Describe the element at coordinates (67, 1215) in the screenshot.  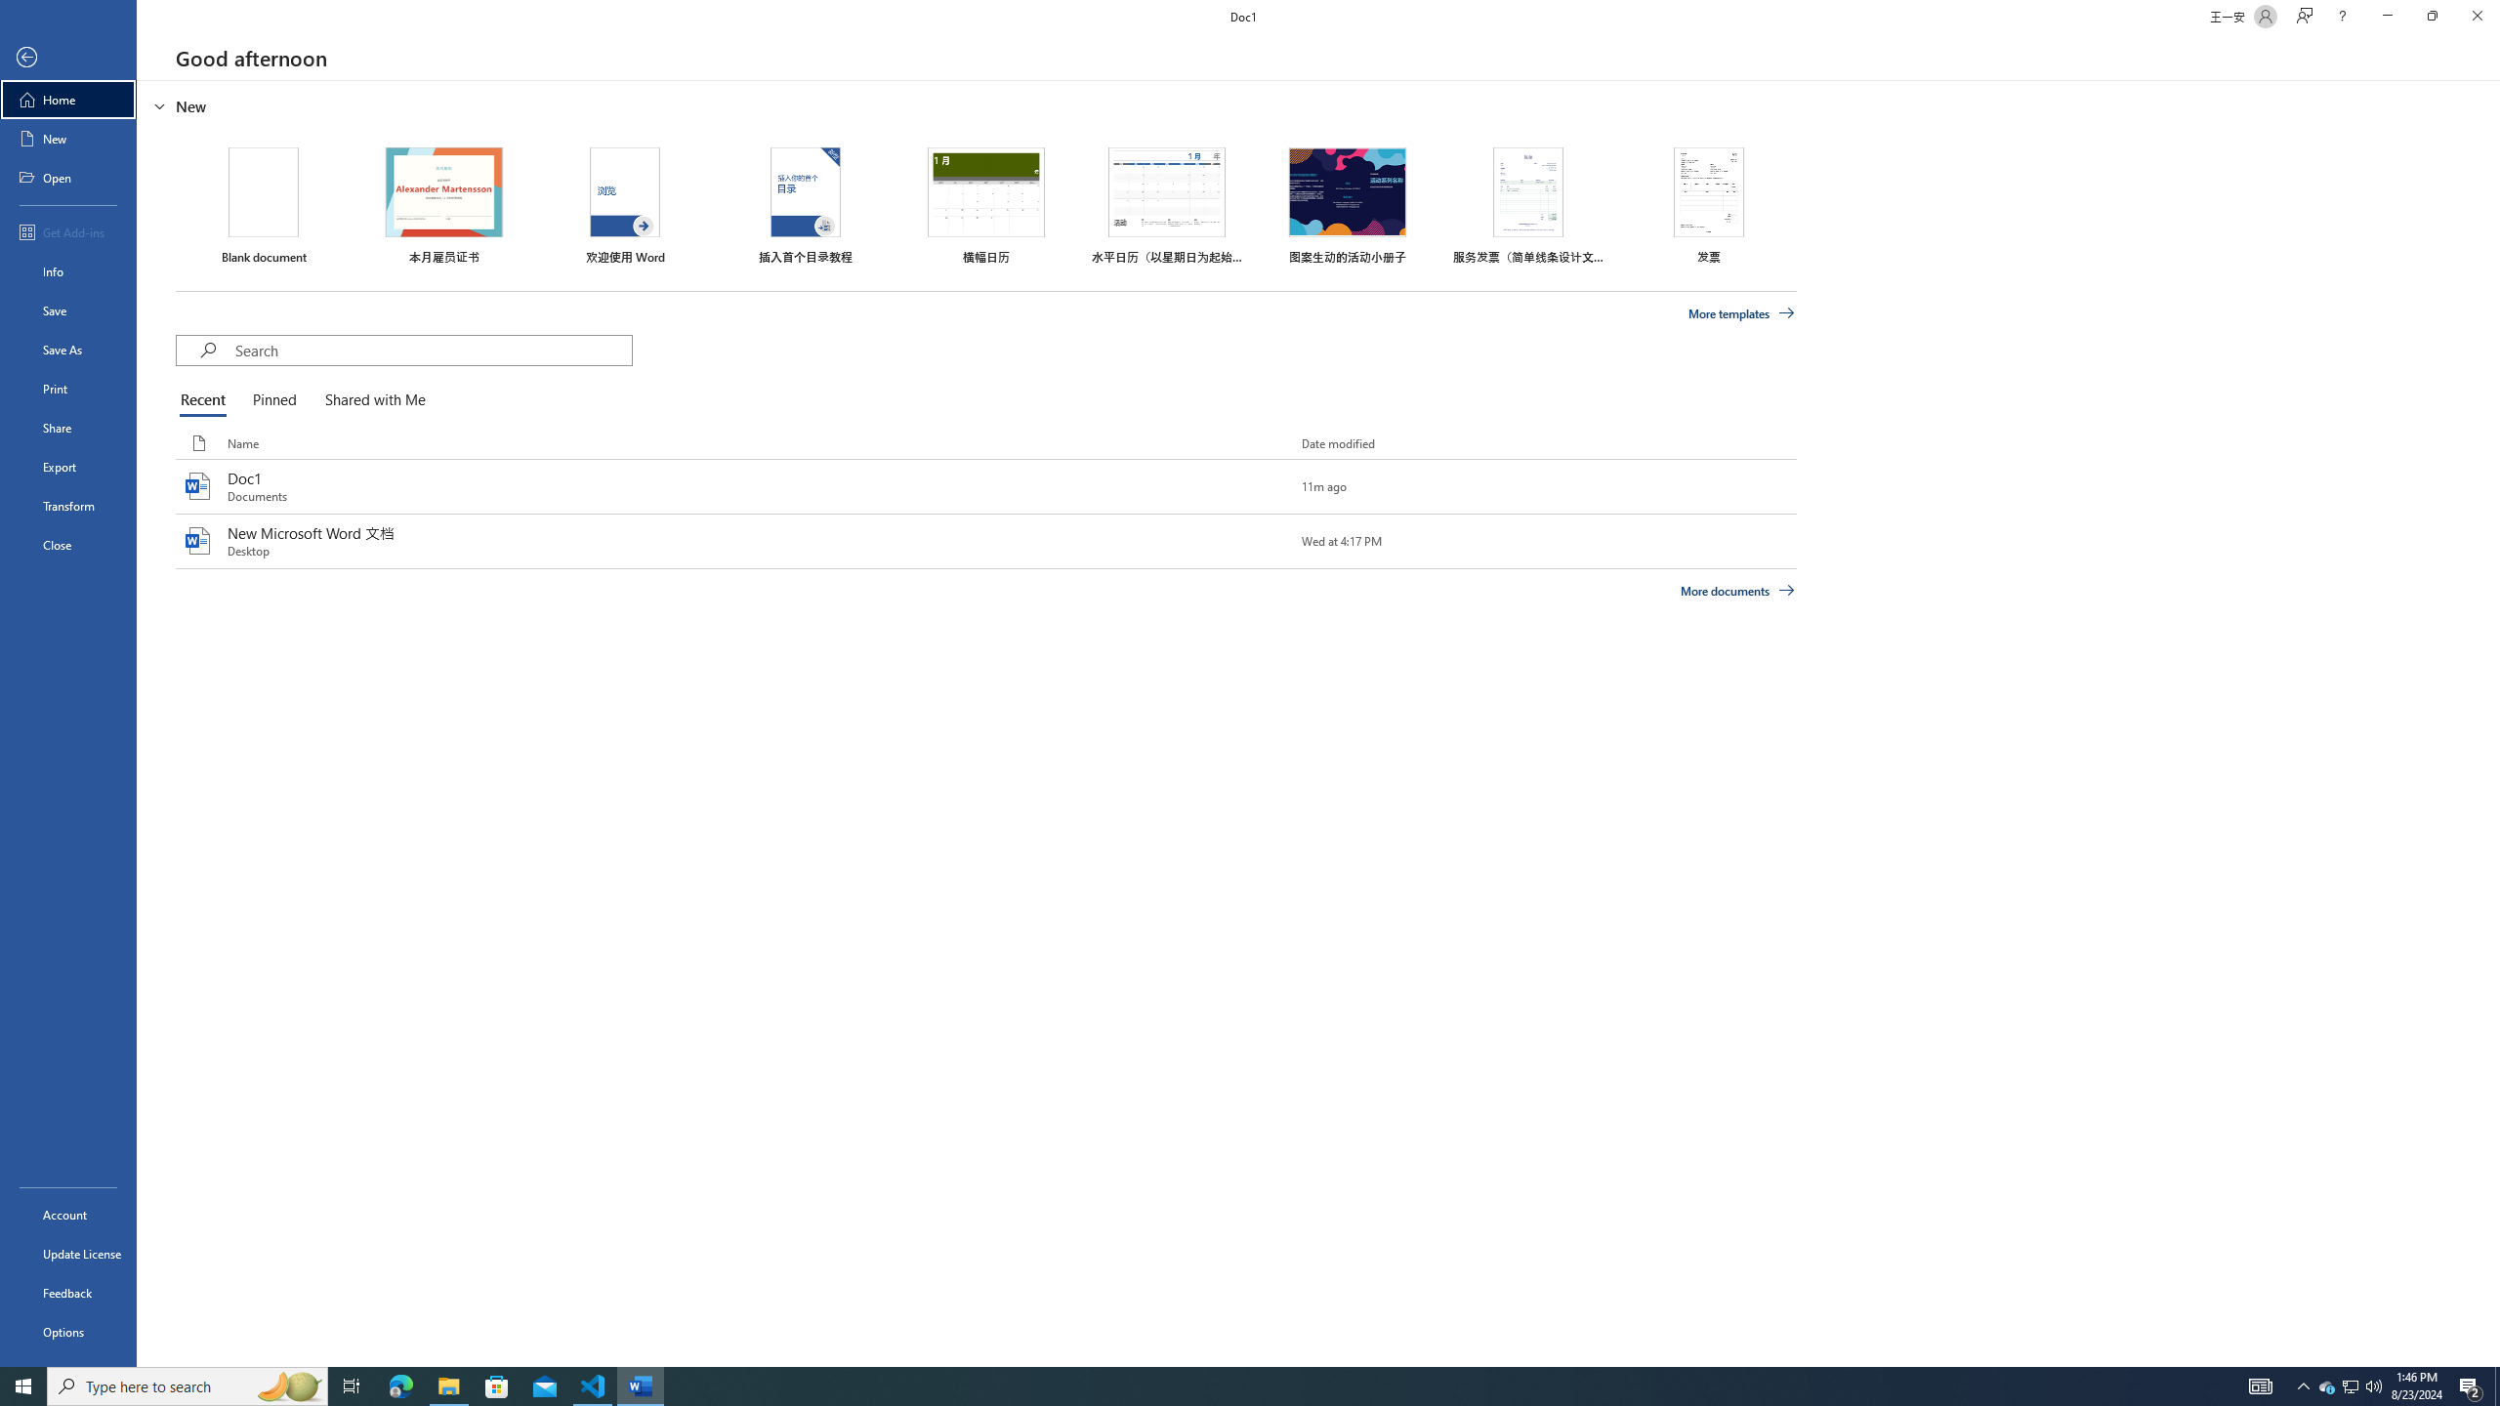
I see `'Account'` at that location.